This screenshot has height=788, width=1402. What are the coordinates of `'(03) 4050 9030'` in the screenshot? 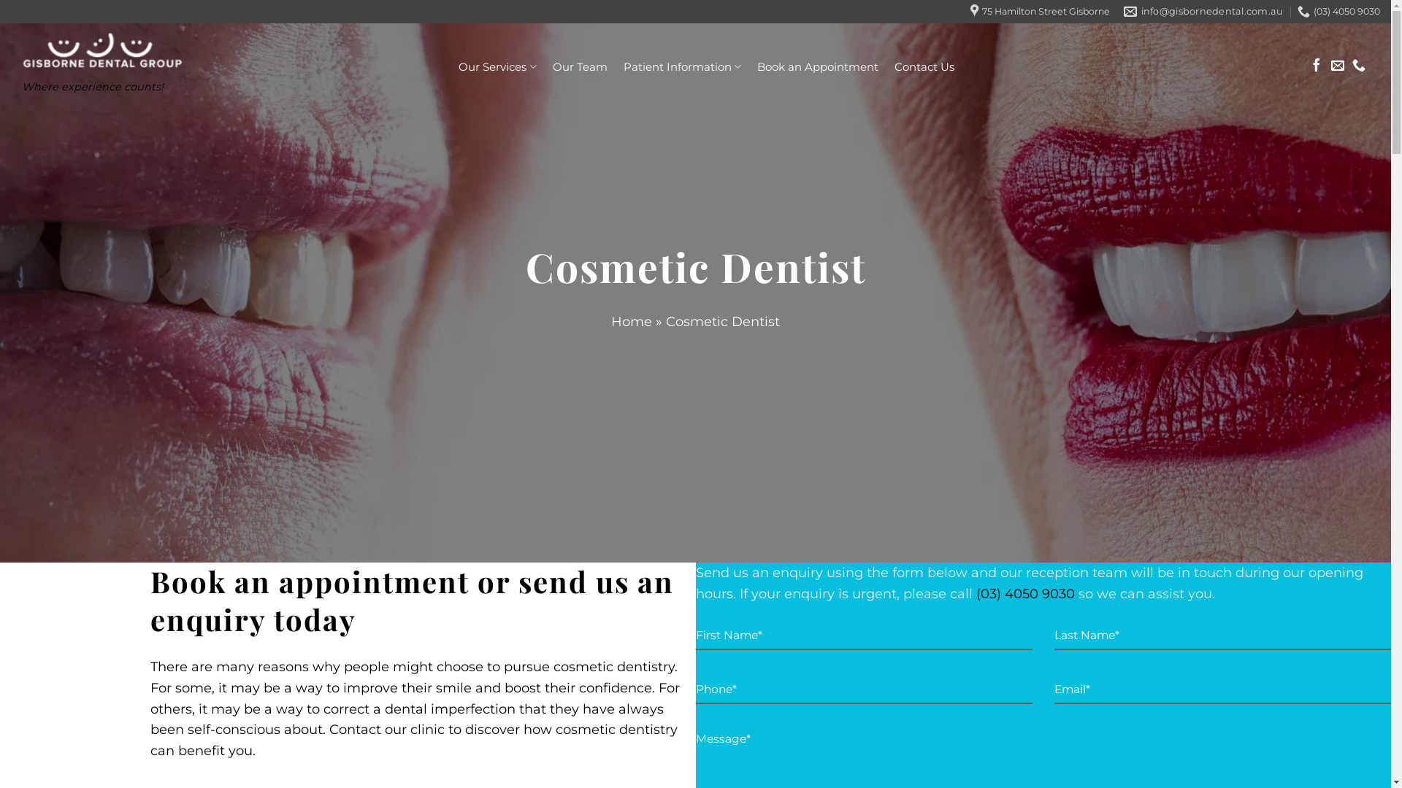 It's located at (1024, 593).